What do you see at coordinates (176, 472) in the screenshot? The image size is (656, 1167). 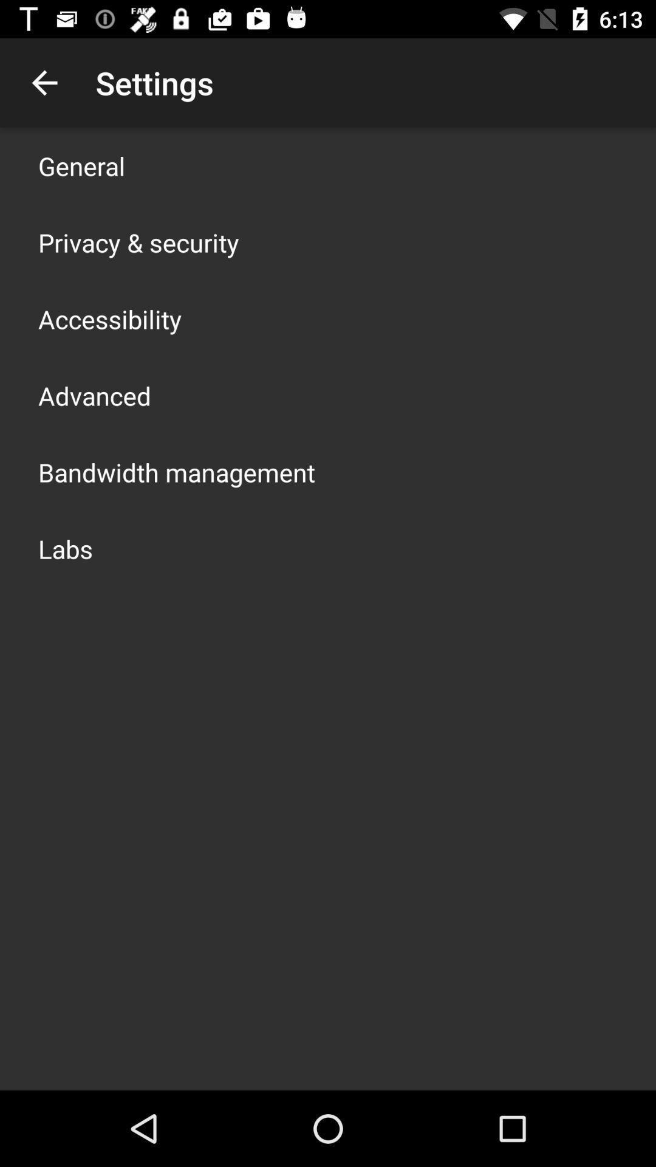 I see `the bandwidth management app` at bounding box center [176, 472].